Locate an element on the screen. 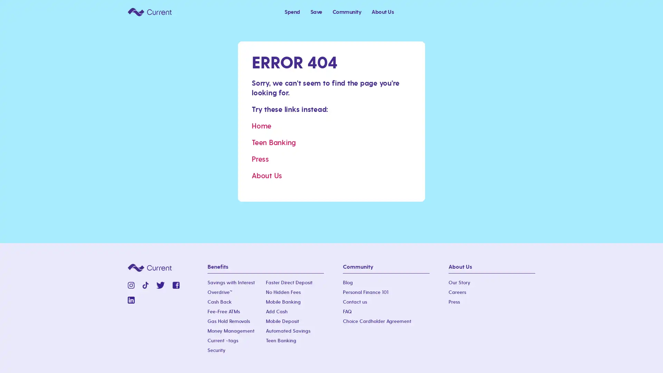 The height and width of the screenshot is (373, 663). Current logo is located at coordinates (149, 11).